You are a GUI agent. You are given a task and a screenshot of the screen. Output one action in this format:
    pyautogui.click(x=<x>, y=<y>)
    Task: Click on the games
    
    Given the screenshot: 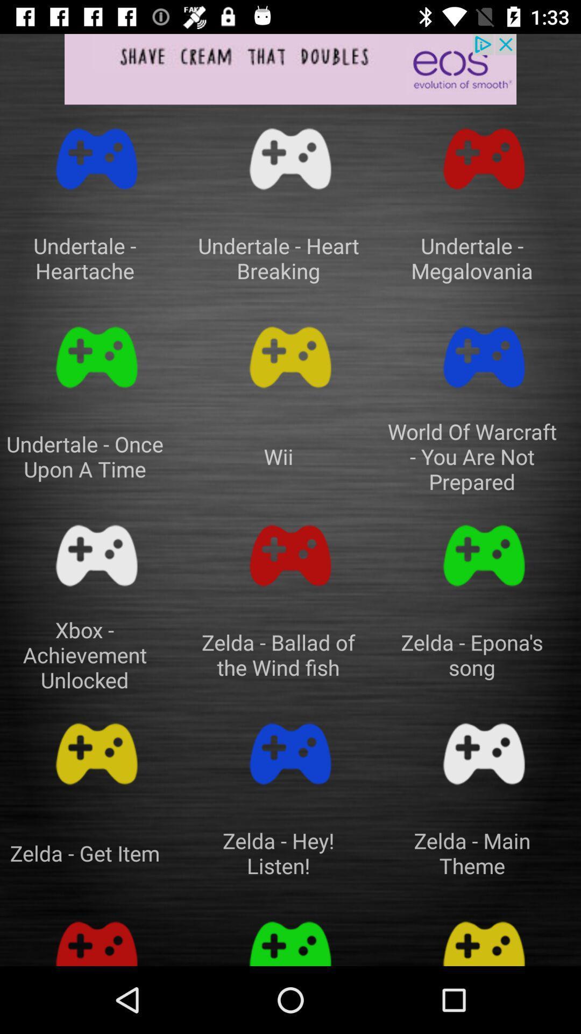 What is the action you would take?
    pyautogui.click(x=97, y=937)
    